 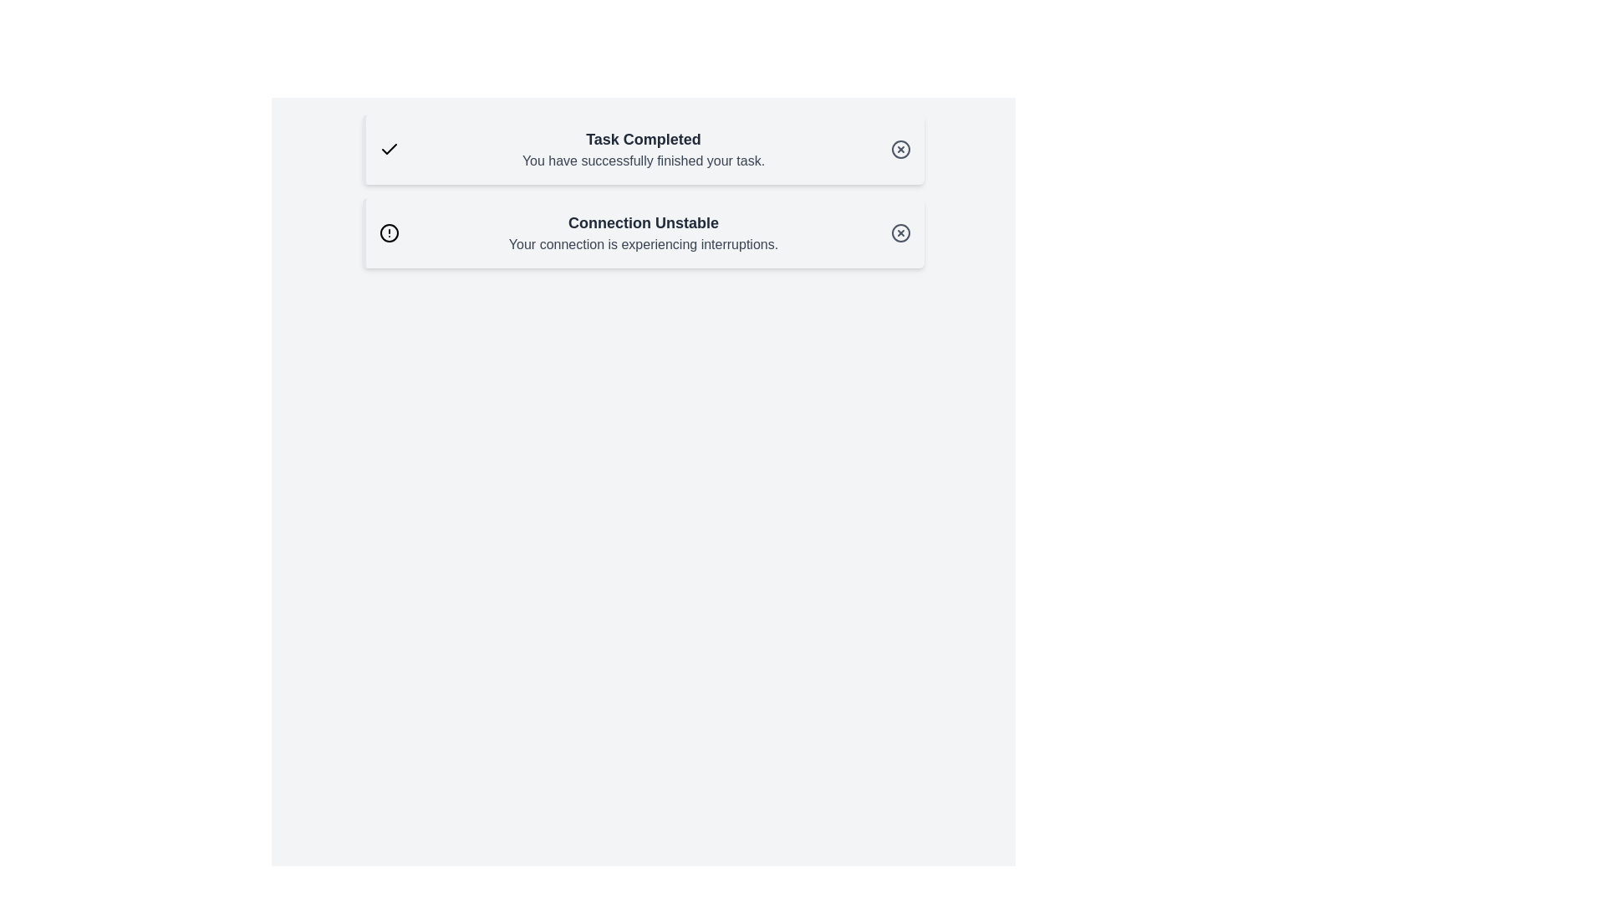 What do you see at coordinates (900, 148) in the screenshot?
I see `the SVG Circle located at the far right of the notification card displaying 'Task Completed'` at bounding box center [900, 148].